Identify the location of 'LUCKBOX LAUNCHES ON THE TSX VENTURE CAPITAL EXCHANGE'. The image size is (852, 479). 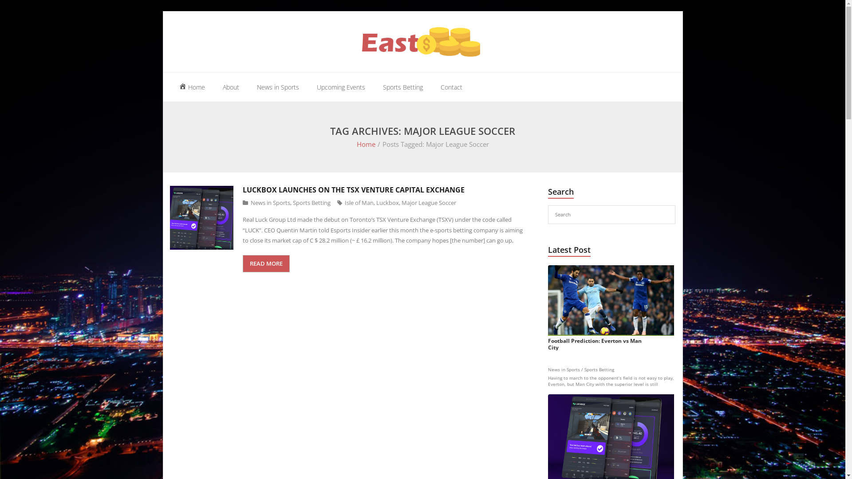
(353, 189).